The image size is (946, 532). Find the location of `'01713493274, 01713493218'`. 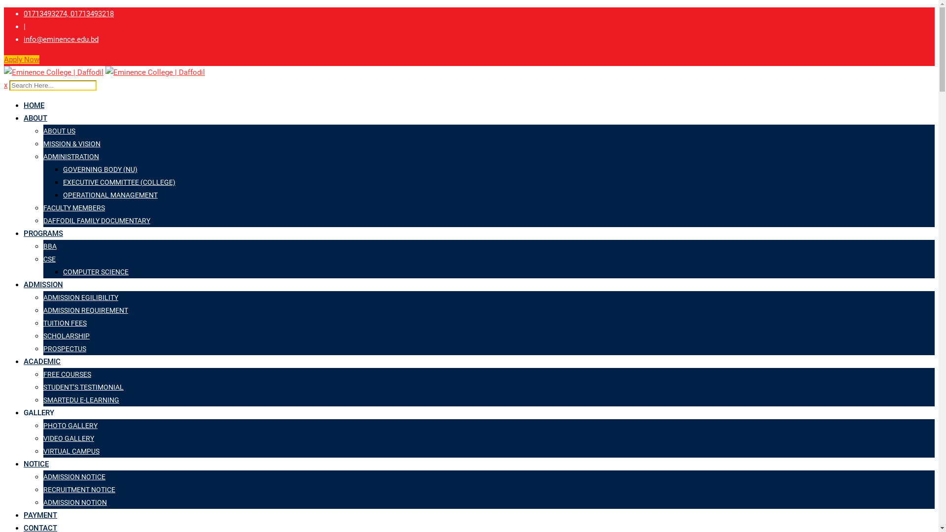

'01713493274, 01713493218' is located at coordinates (68, 13).